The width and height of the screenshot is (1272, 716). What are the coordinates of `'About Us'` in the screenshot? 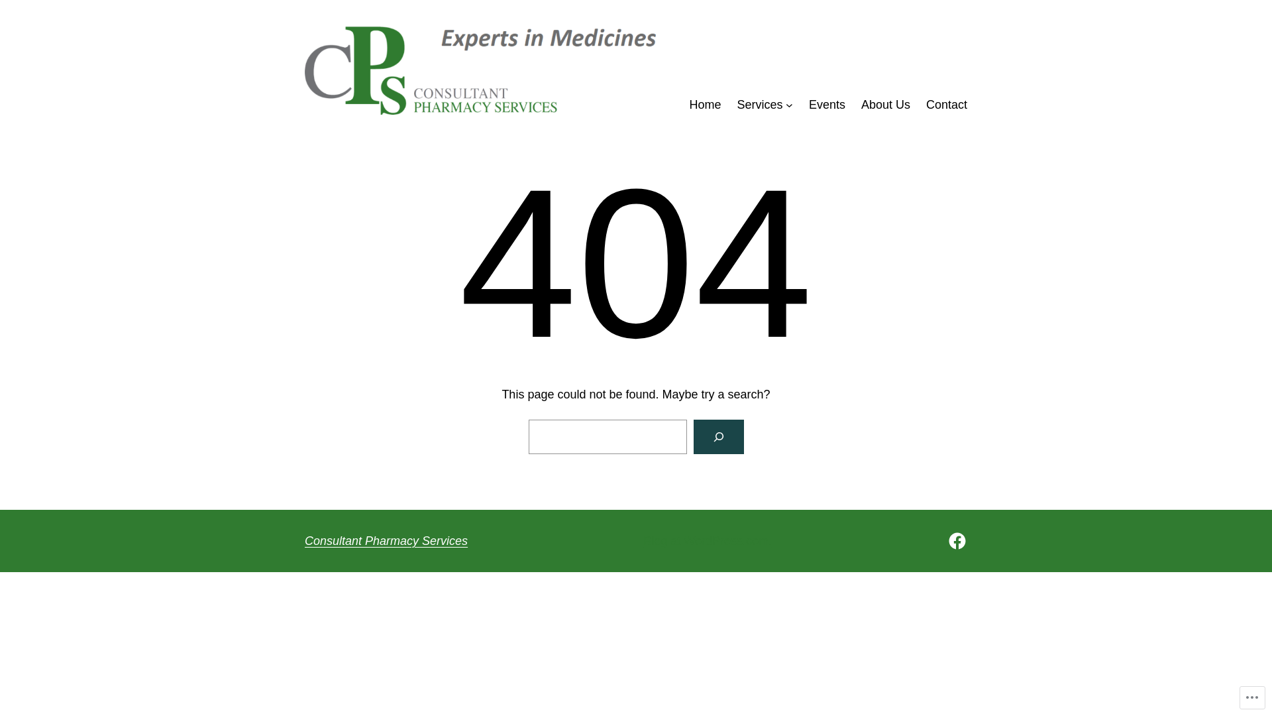 It's located at (861, 104).